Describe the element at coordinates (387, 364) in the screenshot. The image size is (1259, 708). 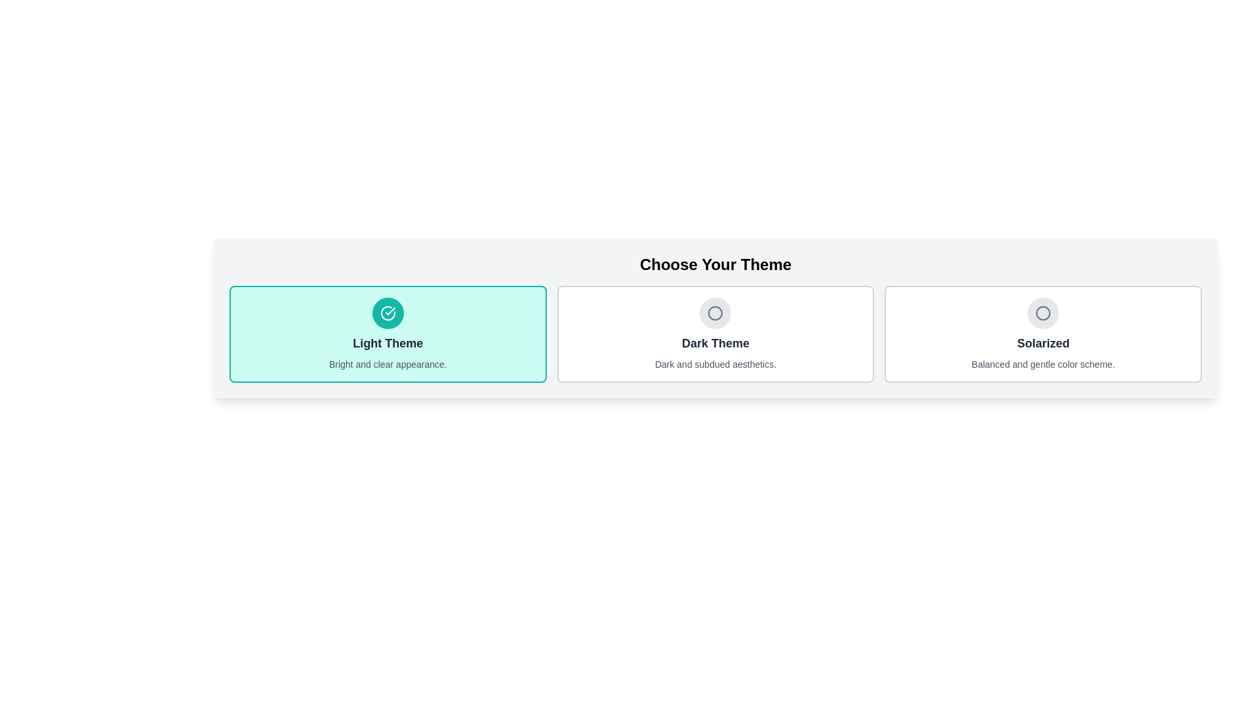
I see `the text label that displays 'Bright and clear appearance.' located at the bottom of the 'Light Theme' card` at that location.